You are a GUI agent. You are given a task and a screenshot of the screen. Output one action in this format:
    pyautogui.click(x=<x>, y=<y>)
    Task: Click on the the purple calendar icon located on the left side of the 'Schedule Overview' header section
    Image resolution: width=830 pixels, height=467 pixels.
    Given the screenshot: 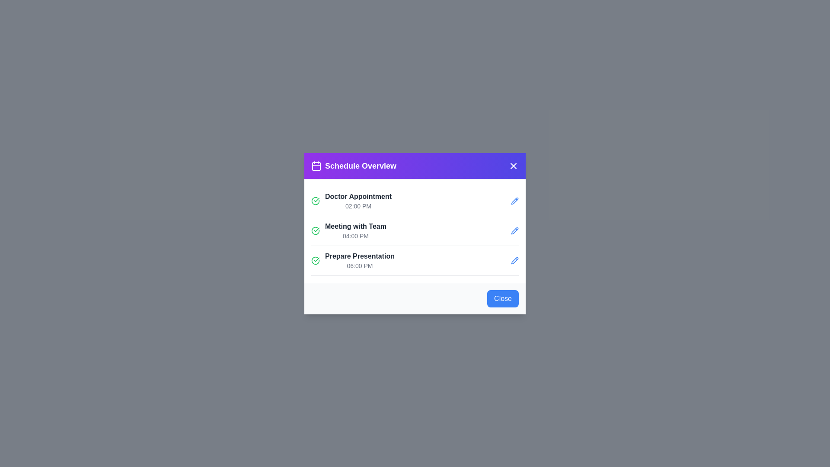 What is the action you would take?
    pyautogui.click(x=316, y=166)
    